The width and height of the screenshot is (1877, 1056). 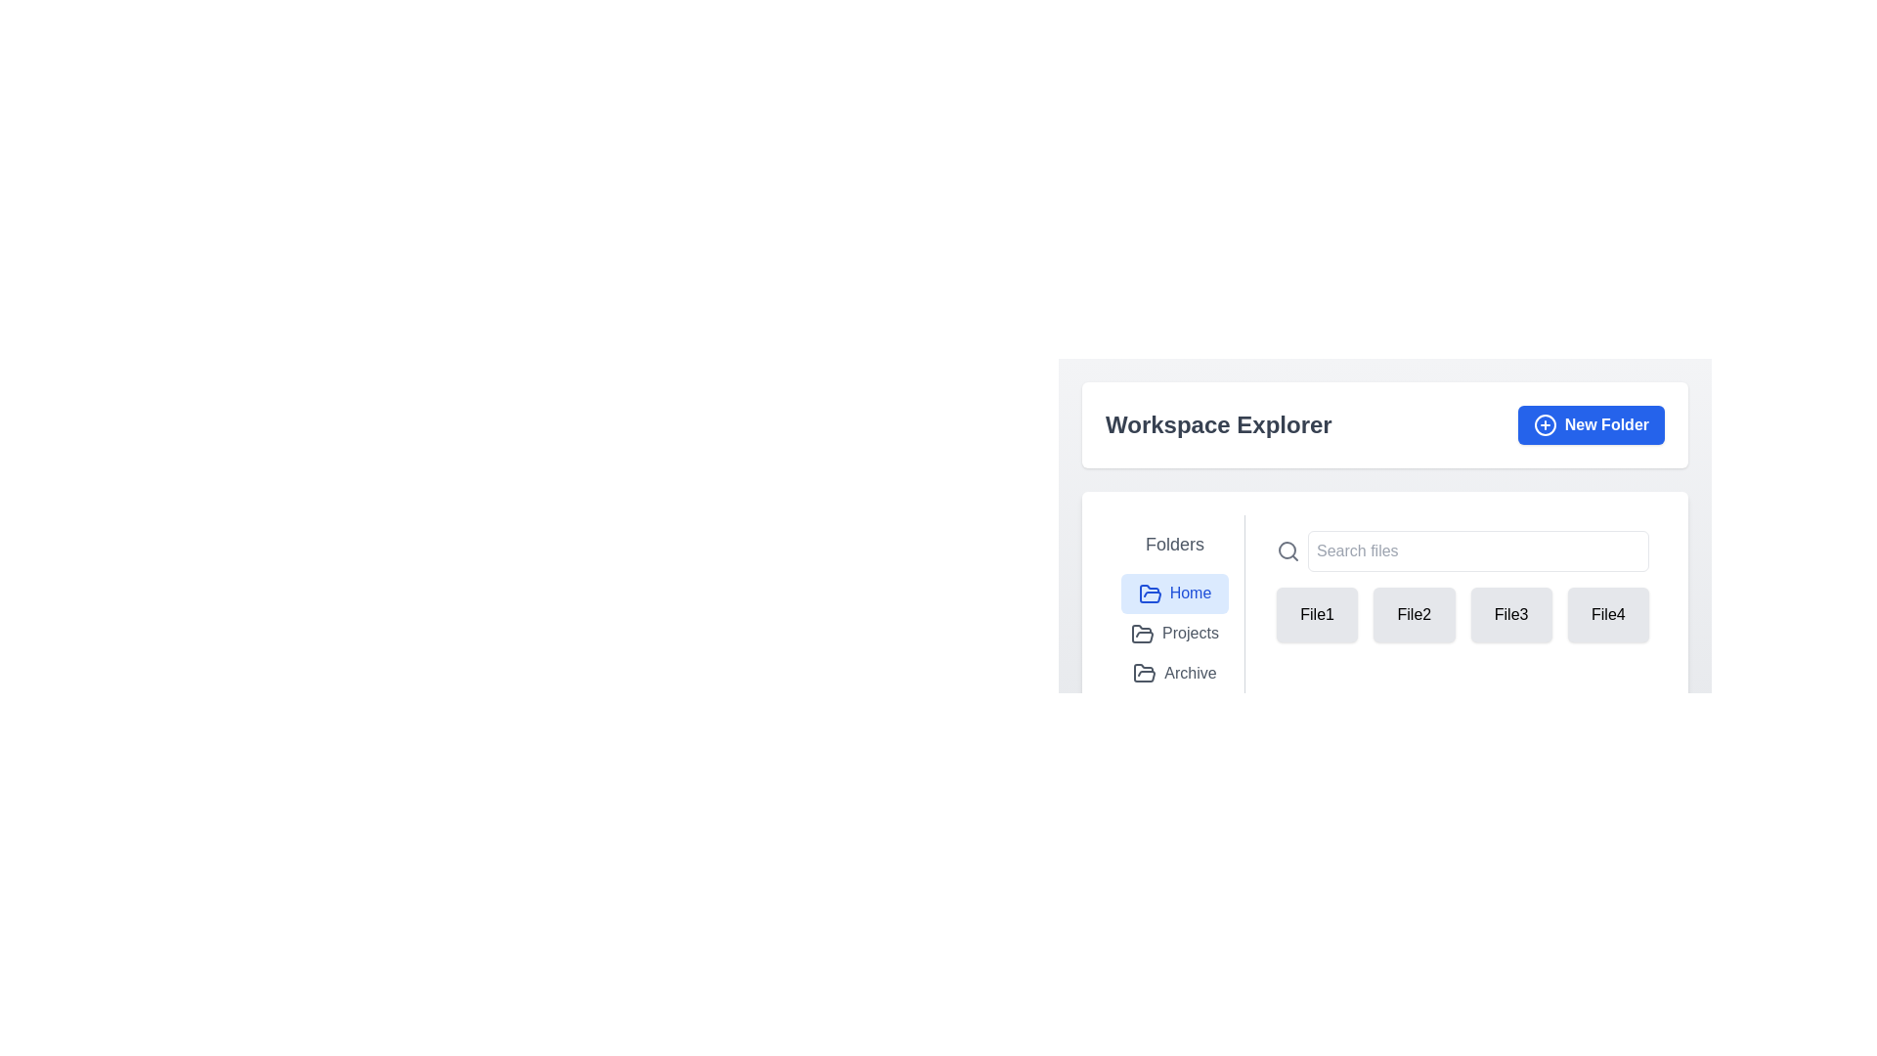 I want to click on the Search icon, which is a gray magnifying glass located in the top-right section of the interface, next to the 'Search files' input field, so click(x=1288, y=550).